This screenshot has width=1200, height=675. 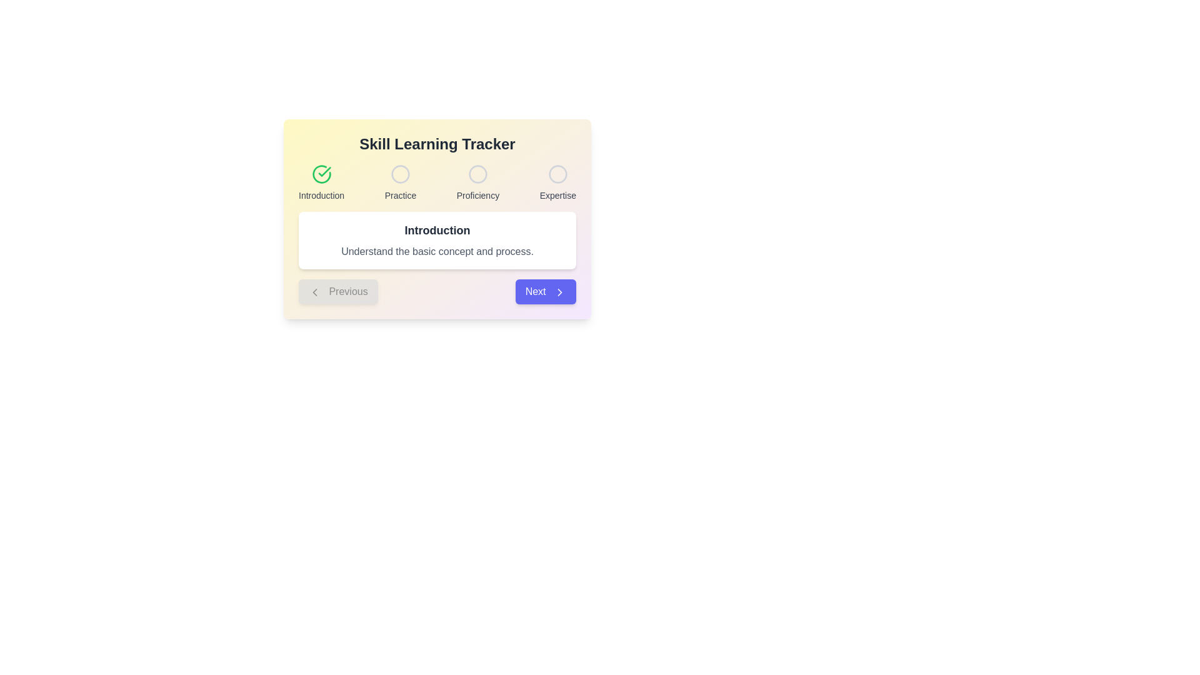 I want to click on 'Proficiency' progress indicator element, which features a hollow circle icon and small gray text below it, positioned centrally in a horizontal layout of skill levels, so click(x=477, y=183).